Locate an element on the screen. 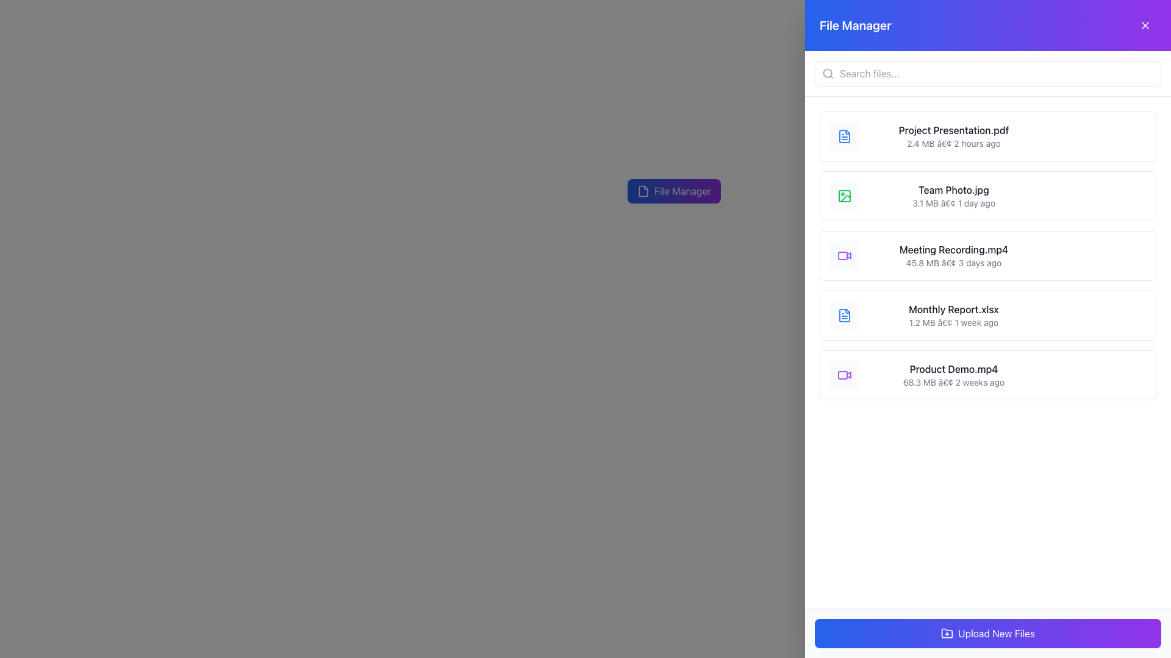  the purple-styled, rounded rectangle icon with a video camera symbol is located at coordinates (842, 255).